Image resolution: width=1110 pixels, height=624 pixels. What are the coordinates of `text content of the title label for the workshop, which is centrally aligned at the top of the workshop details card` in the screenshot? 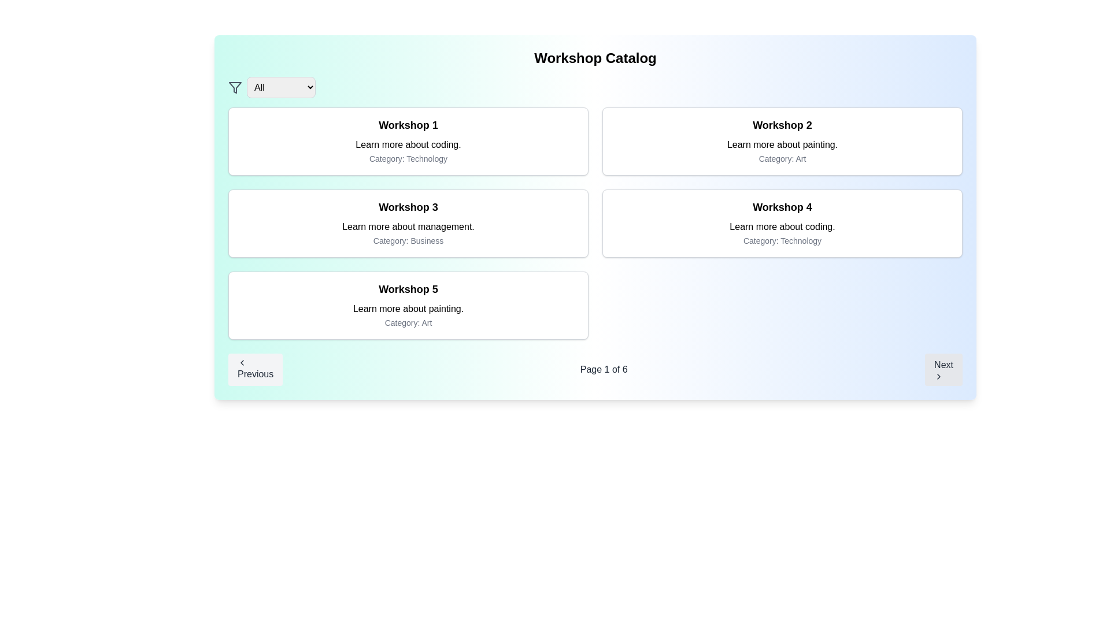 It's located at (408, 206).